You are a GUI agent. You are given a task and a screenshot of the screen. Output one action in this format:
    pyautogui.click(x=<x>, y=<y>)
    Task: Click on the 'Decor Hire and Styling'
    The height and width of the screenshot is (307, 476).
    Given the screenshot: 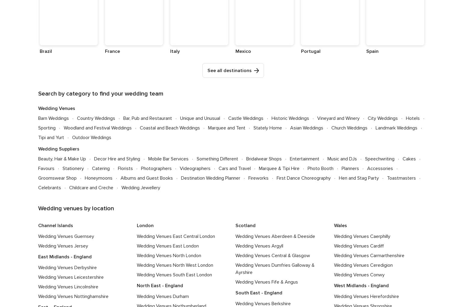 What is the action you would take?
    pyautogui.click(x=117, y=158)
    